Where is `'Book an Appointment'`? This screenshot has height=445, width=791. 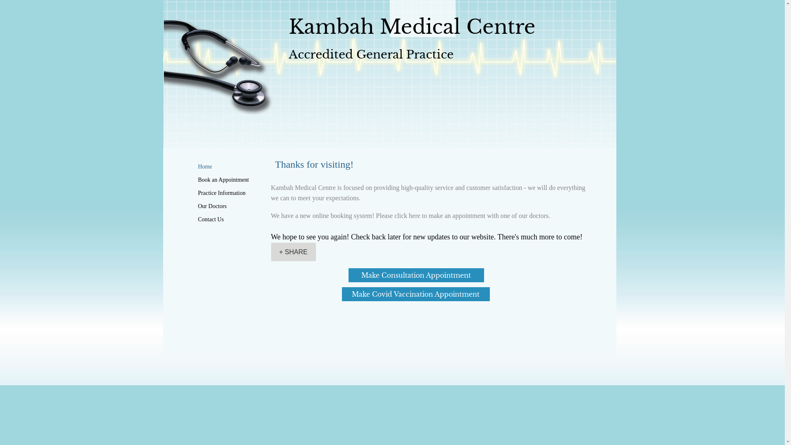 'Book an Appointment' is located at coordinates (223, 179).